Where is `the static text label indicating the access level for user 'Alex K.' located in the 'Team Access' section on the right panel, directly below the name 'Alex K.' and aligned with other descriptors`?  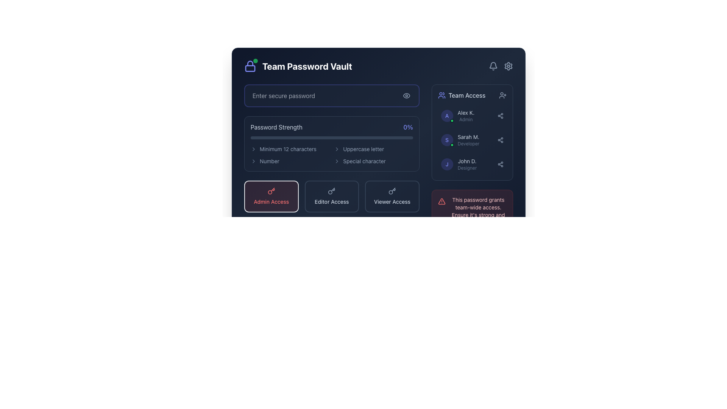 the static text label indicating the access level for user 'Alex K.' located in the 'Team Access' section on the right panel, directly below the name 'Alex K.' and aligned with other descriptors is located at coordinates (465, 119).